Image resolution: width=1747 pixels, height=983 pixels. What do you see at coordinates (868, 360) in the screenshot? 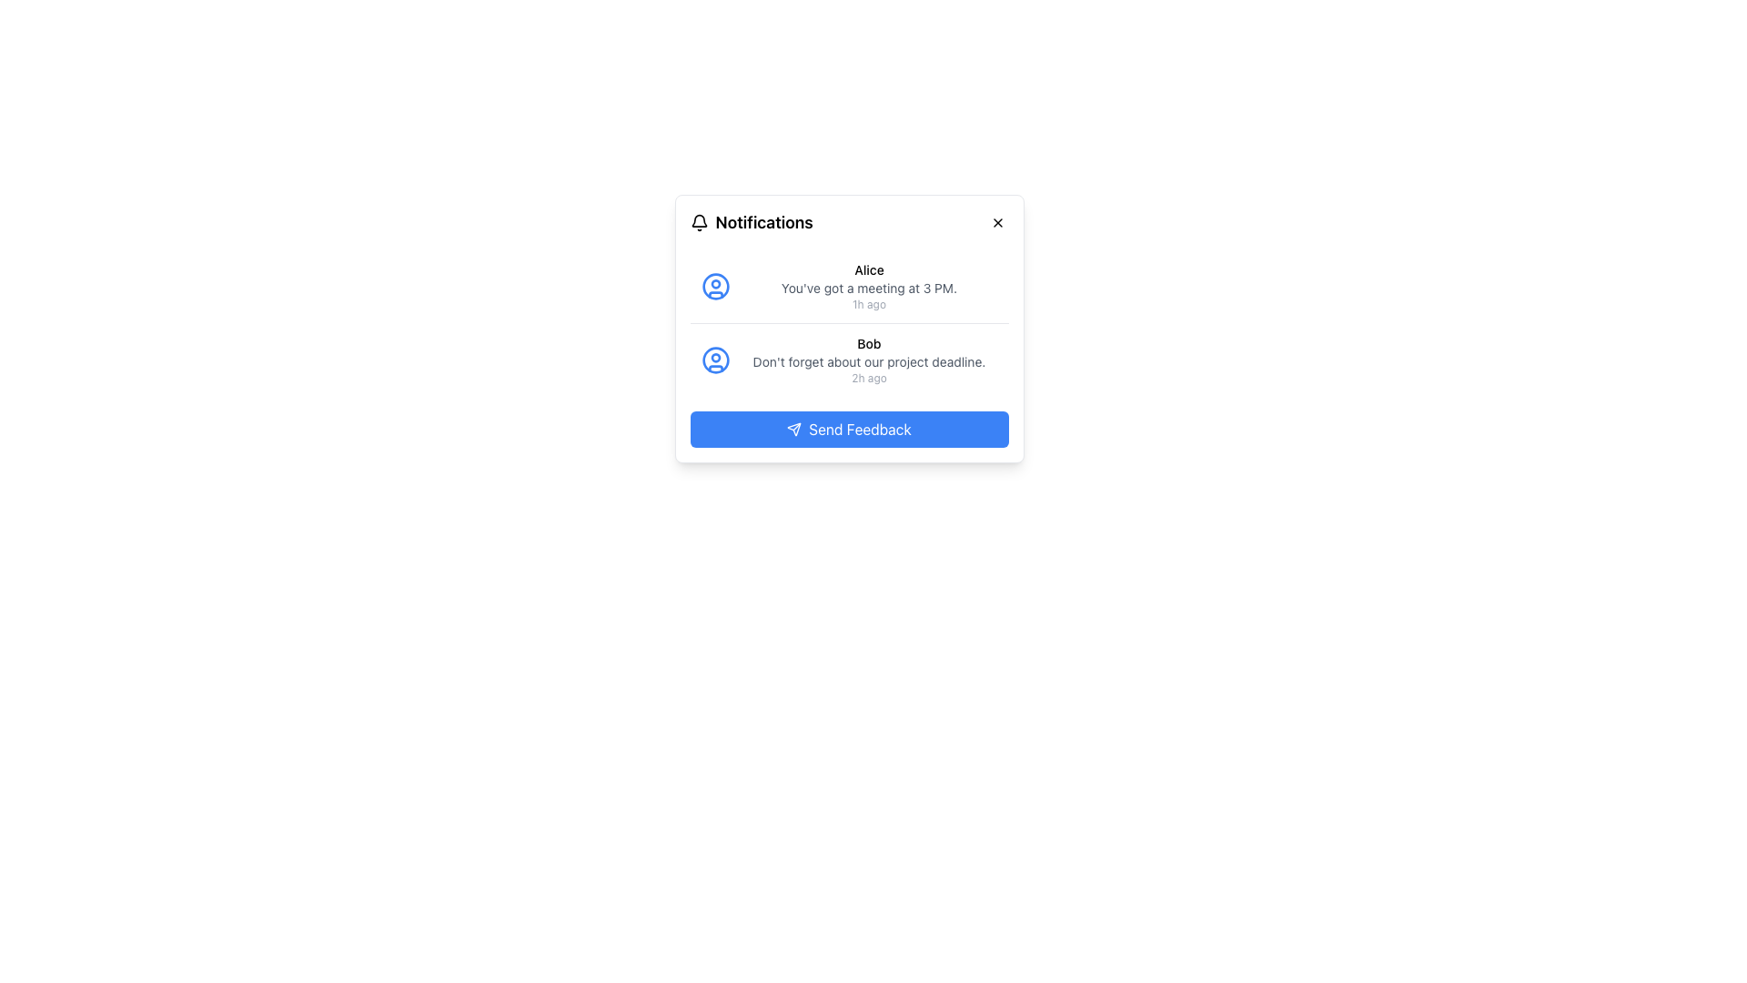
I see `the text display that shows the notification message located to the right of the avatar icon in the second notification entry` at bounding box center [868, 360].